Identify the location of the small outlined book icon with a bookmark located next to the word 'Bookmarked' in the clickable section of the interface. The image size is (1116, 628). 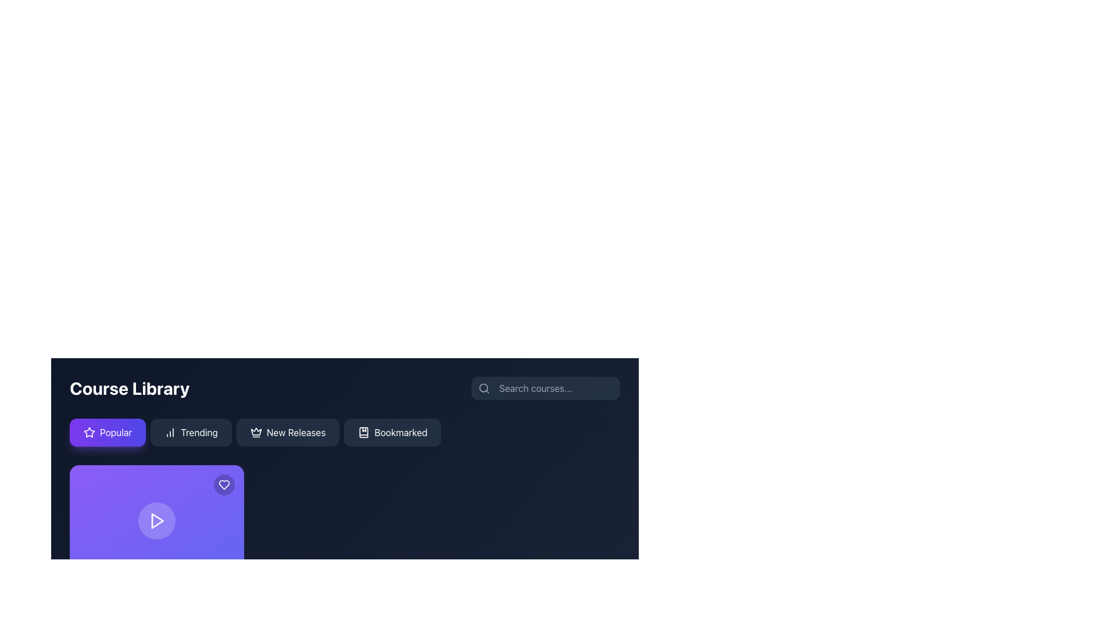
(363, 433).